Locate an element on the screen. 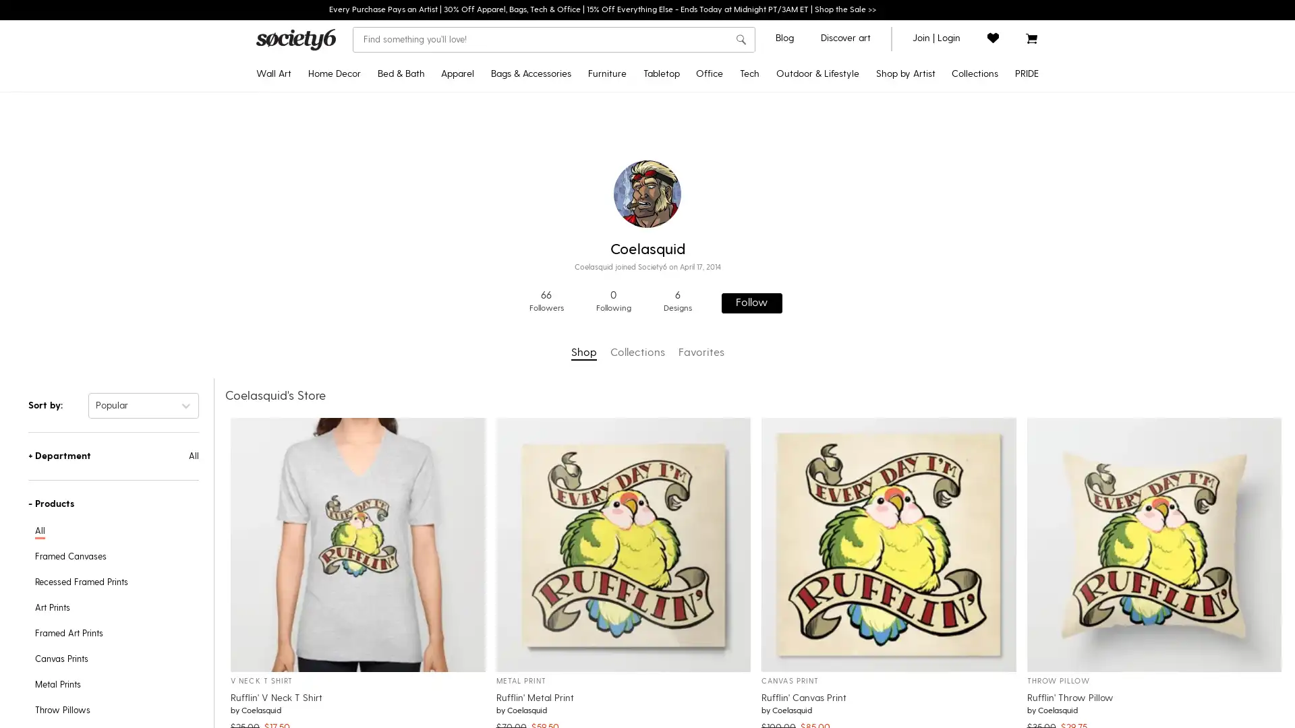  Tank Tops is located at coordinates (500, 238).